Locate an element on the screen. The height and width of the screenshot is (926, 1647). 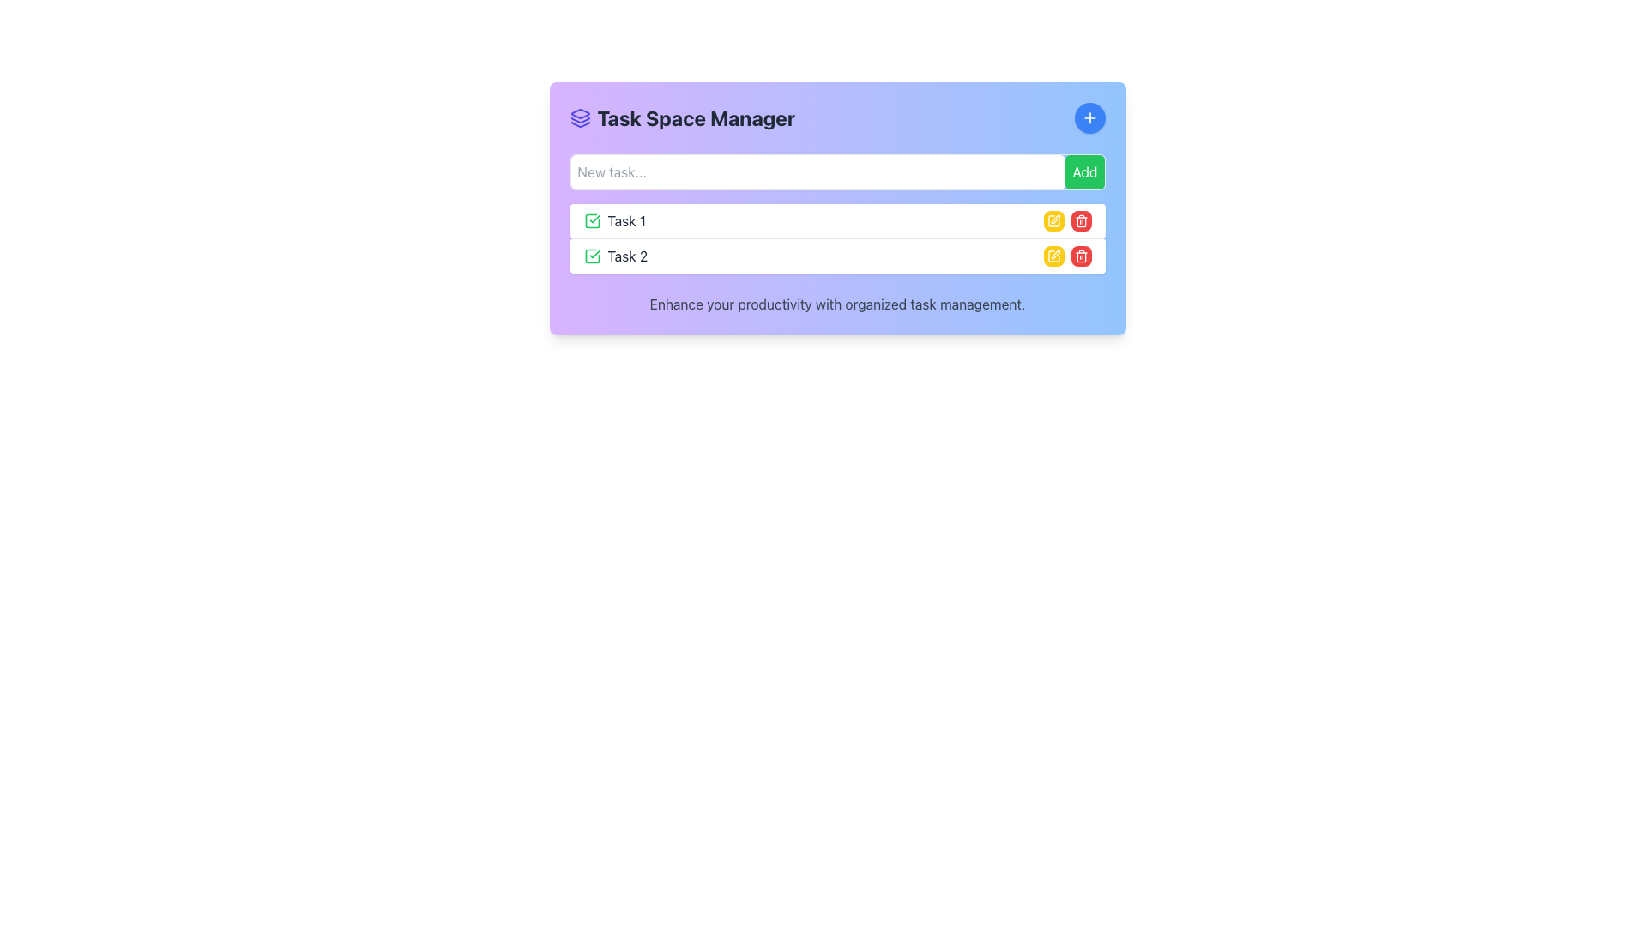
the 'Add' button, which is a rectangular button with a green background and white text, located to the right of the 'New task...' input field is located at coordinates (1083, 171).